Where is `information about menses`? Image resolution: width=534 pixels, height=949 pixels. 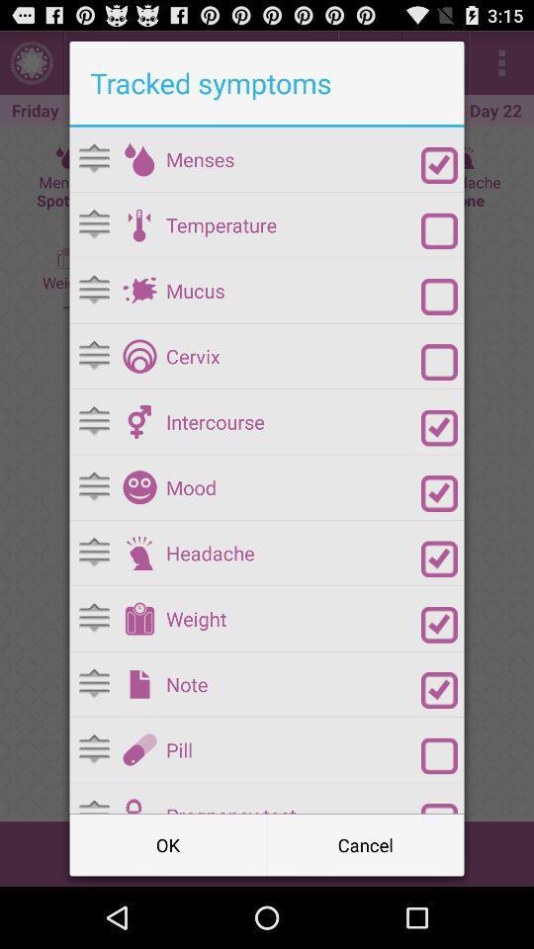 information about menses is located at coordinates (138, 158).